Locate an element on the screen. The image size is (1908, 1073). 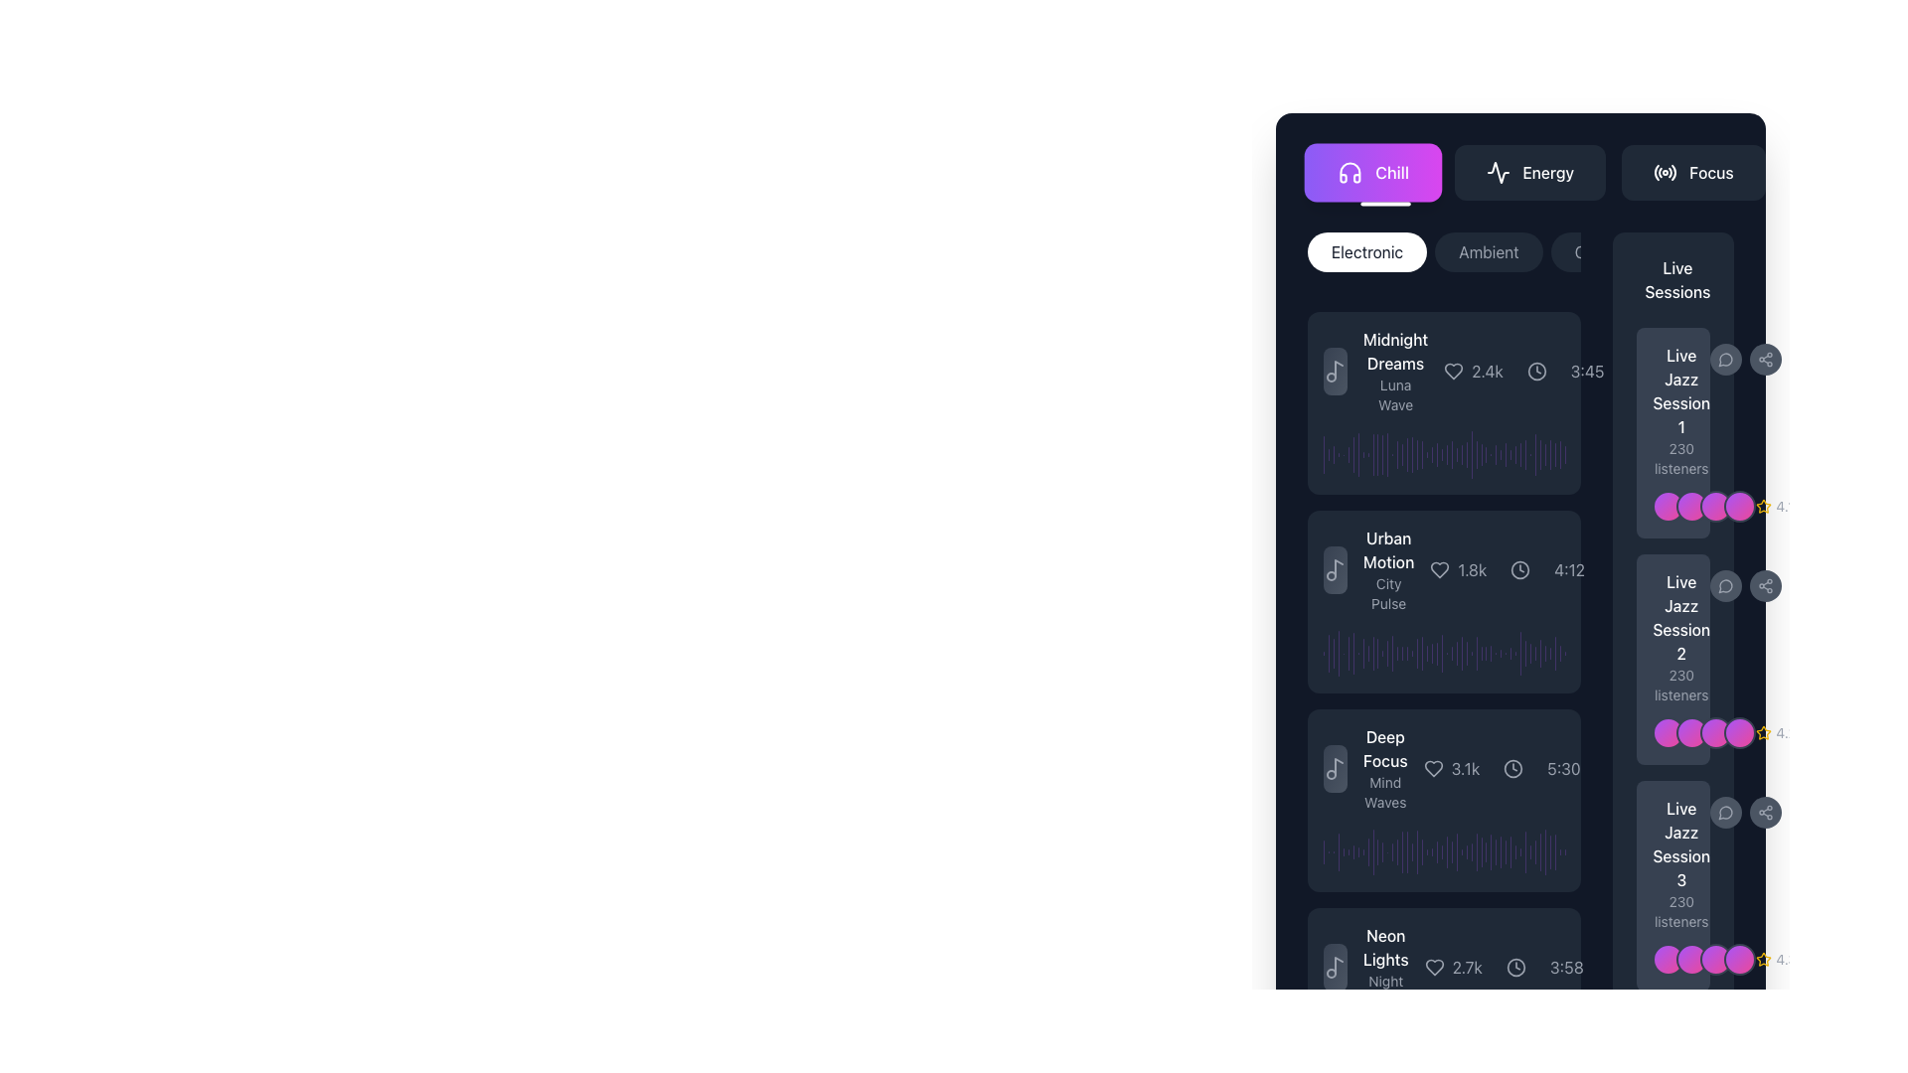
the 30th vertical bar segment of the bar chart, which is a narrow rounded purple bar with a gradient transparency effect is located at coordinates (1486, 455).